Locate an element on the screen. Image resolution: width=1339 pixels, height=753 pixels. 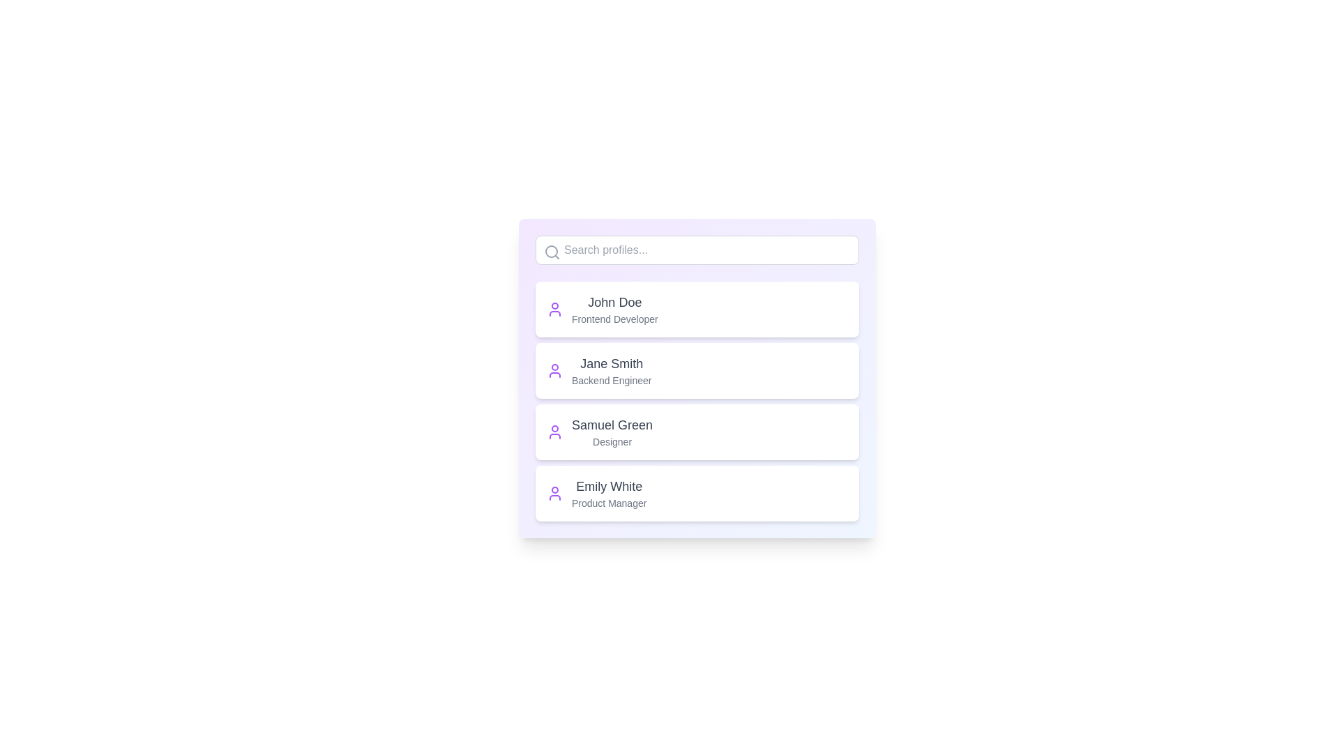
the Text Label providing additional information about the role or title associated with the user profile, located beneath the 'John Doe' text in the first profile card is located at coordinates (614, 319).